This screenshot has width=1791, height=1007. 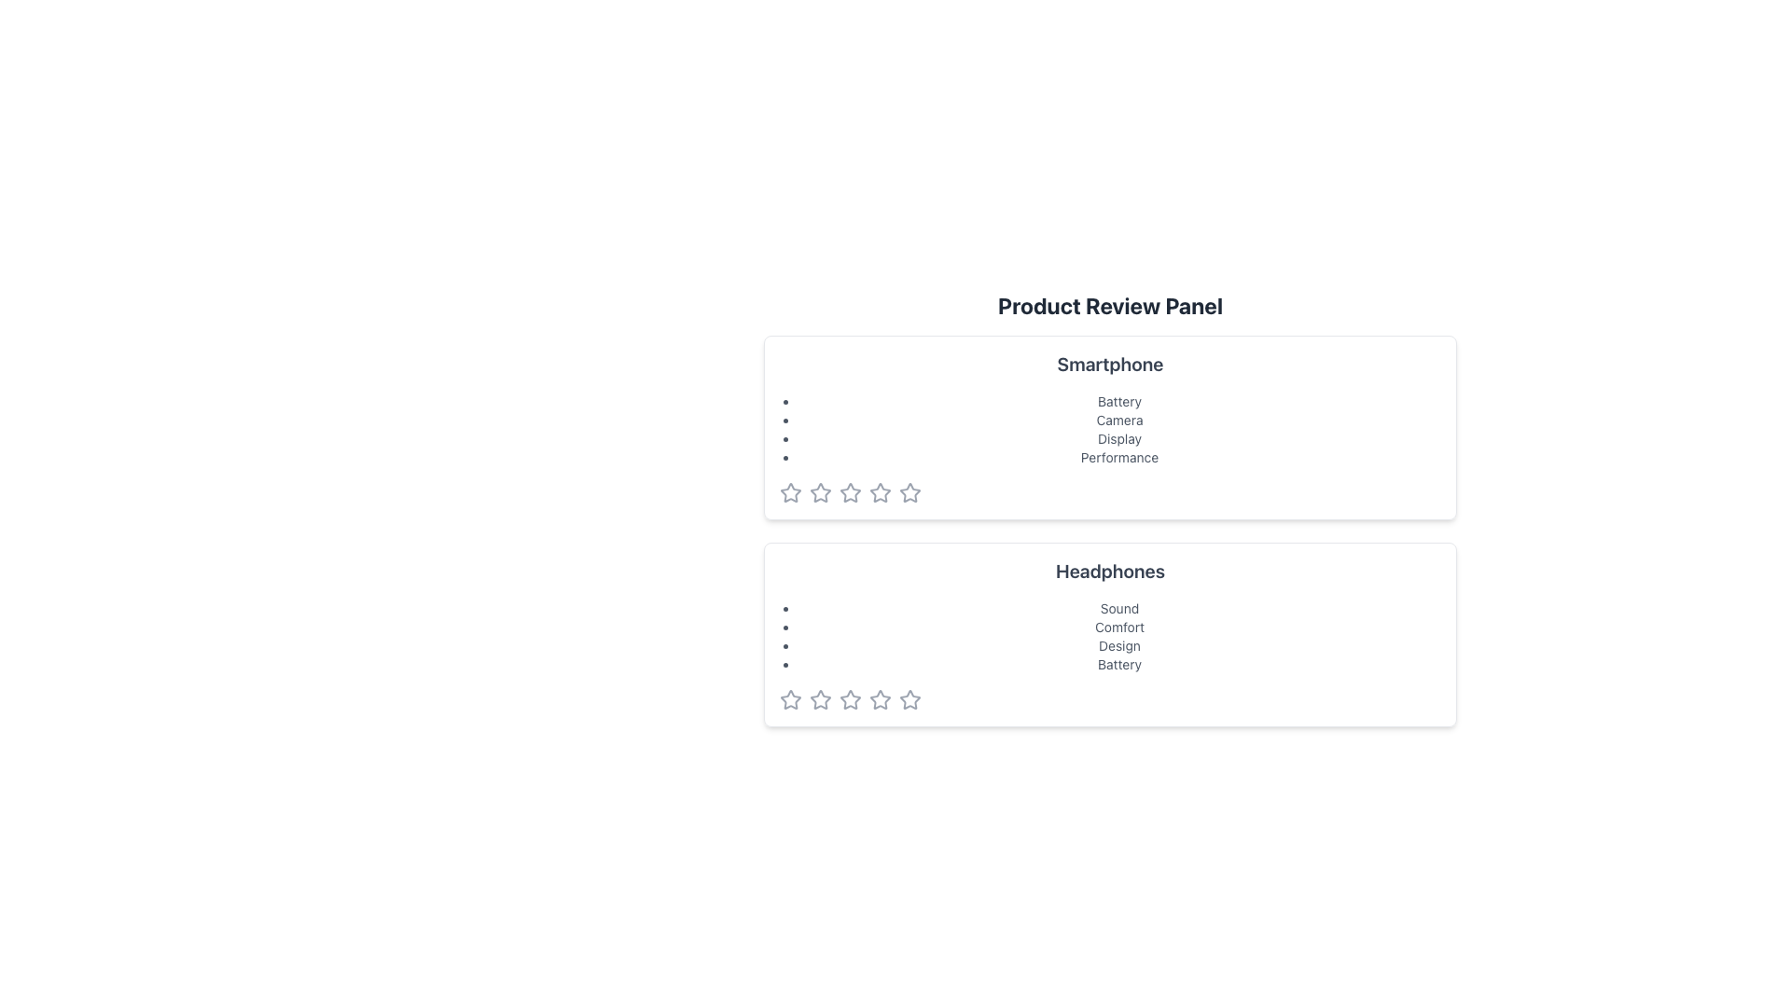 I want to click on the fifth interactive star icon in the review panel for 'Headphones' to rate it with a value of 5, so click(x=880, y=700).